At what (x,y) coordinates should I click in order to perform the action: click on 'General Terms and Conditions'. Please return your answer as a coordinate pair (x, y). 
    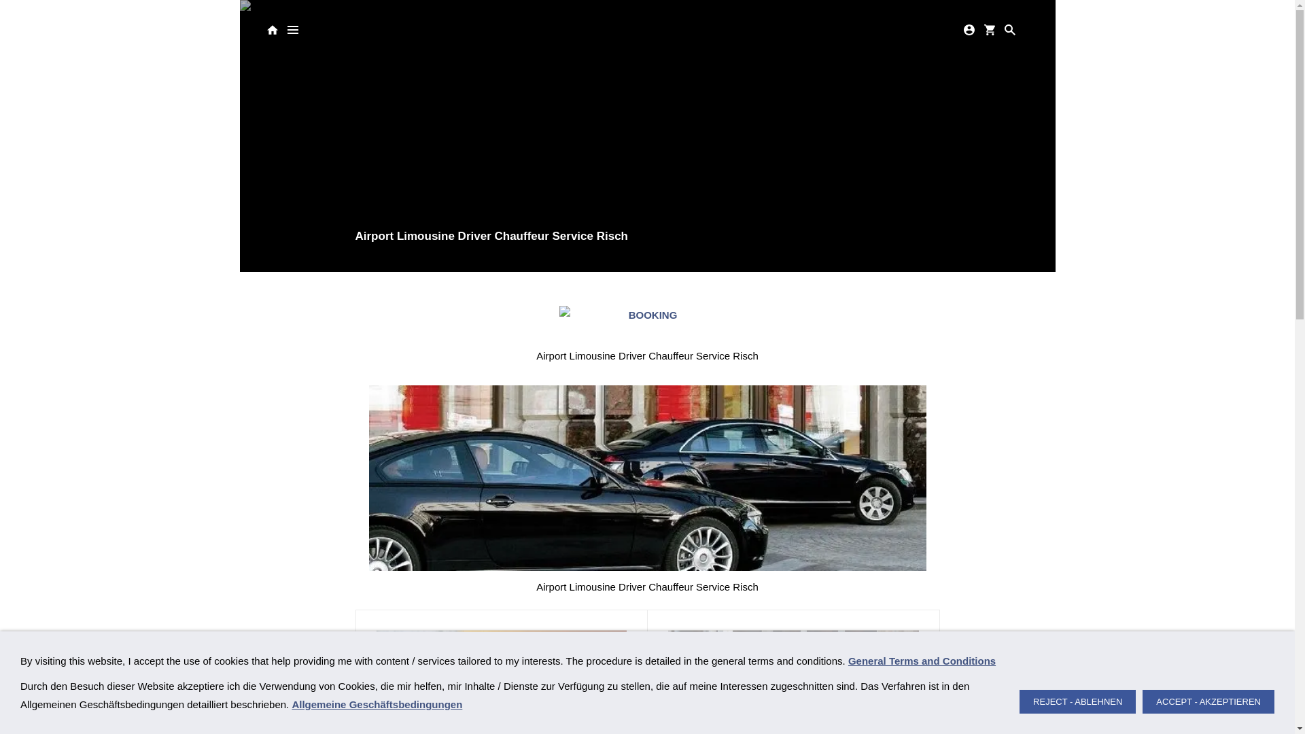
    Looking at the image, I should click on (848, 660).